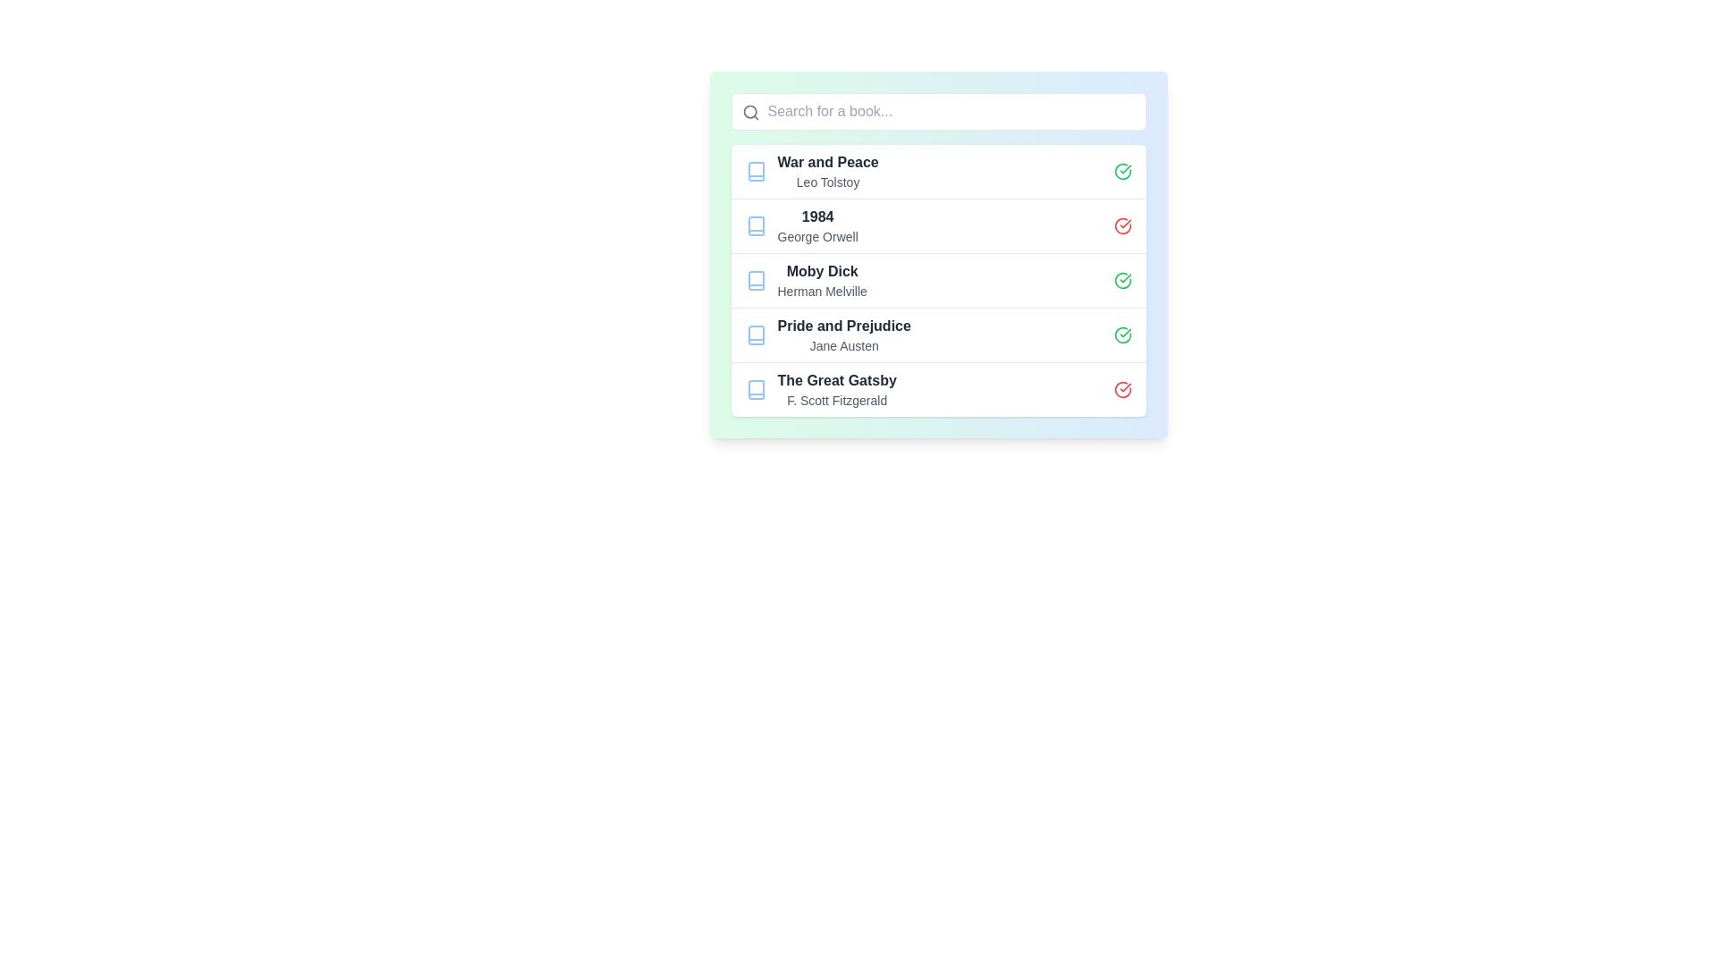  I want to click on the Text label indicating the author of the book titled 'Moby Dick', which is located in the third row directly below the title, so click(821, 291).